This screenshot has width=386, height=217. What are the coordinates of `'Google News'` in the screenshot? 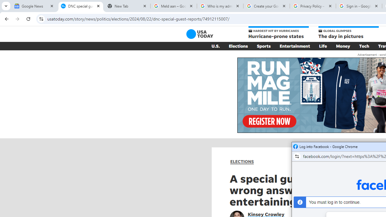 It's located at (34, 6).